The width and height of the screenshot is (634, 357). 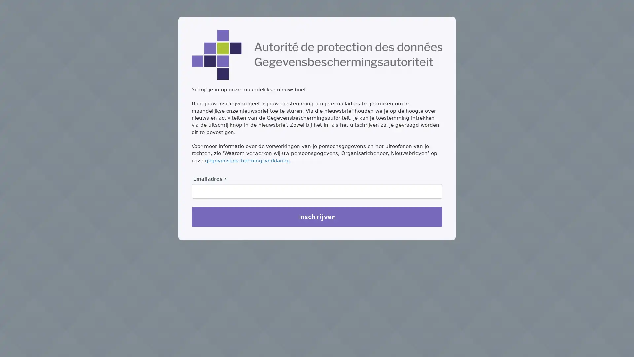 I want to click on Inschrijven, so click(x=317, y=217).